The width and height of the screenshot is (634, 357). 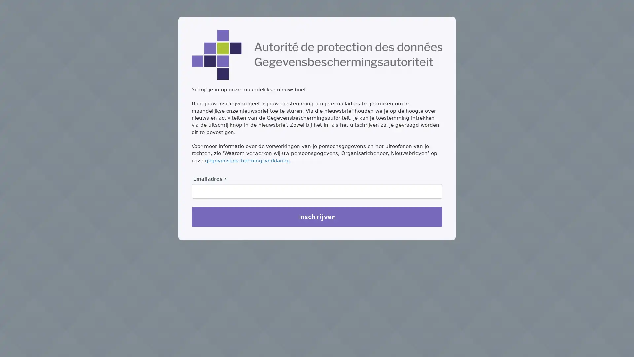 I want to click on Inschrijven, so click(x=317, y=217).